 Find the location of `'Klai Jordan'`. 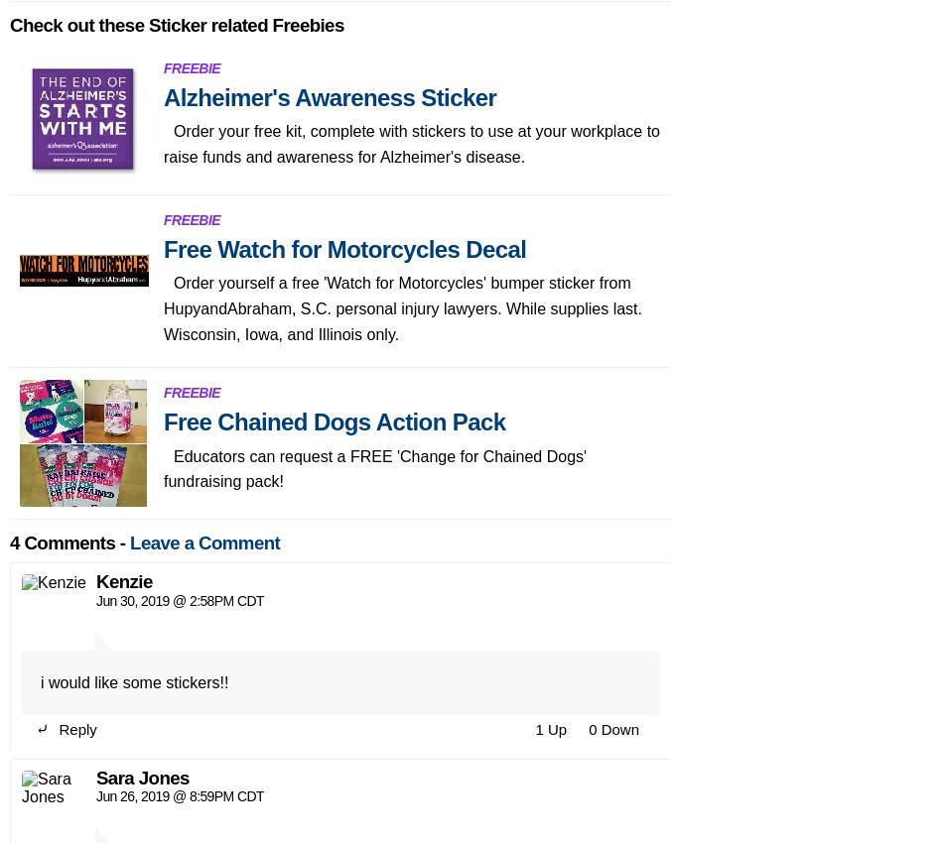

'Klai Jordan' is located at coordinates (143, 477).